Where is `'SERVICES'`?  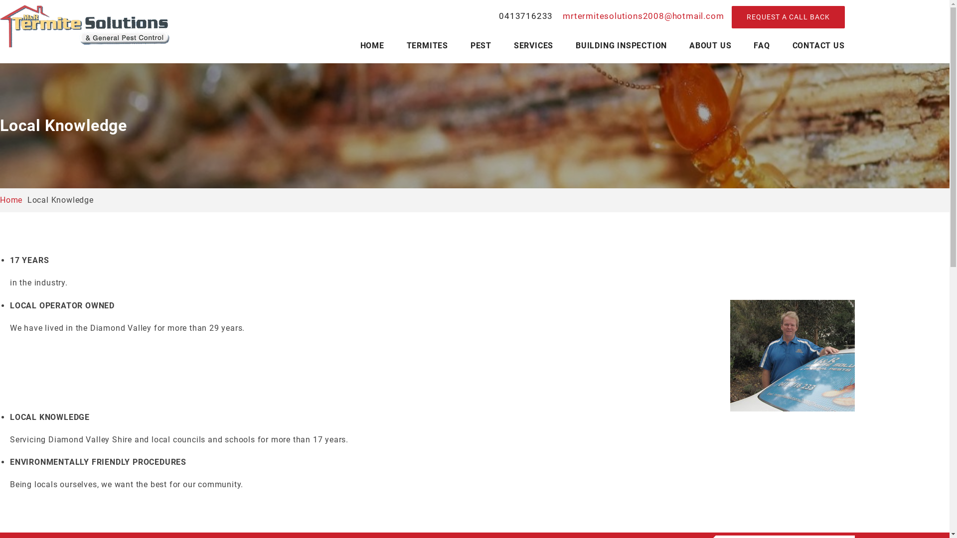
'SERVICES' is located at coordinates (533, 46).